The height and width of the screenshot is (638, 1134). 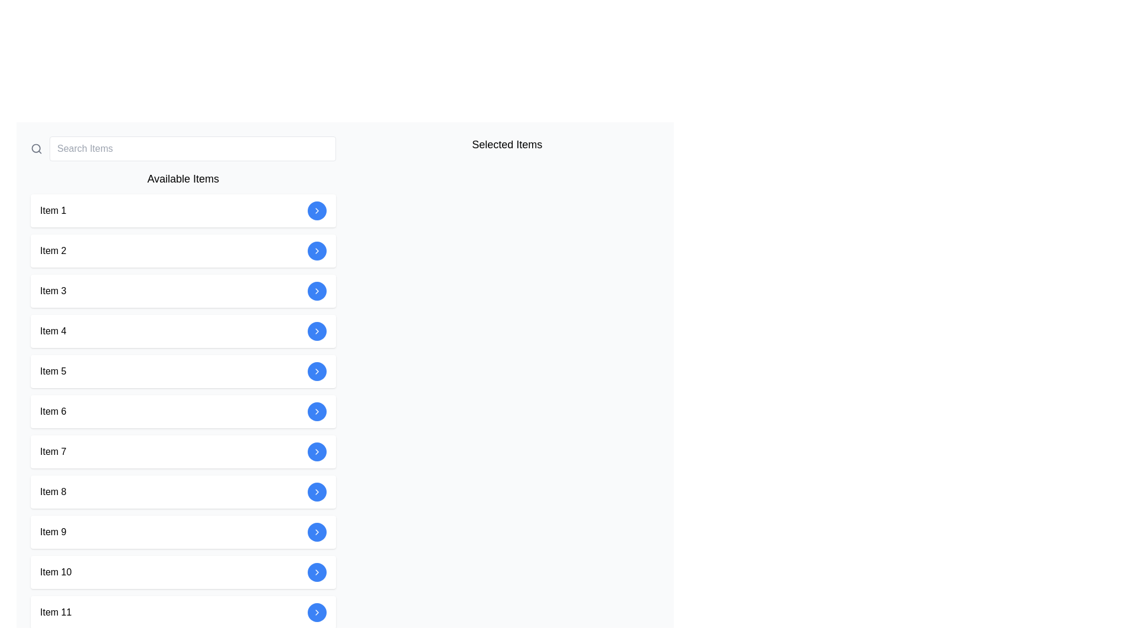 I want to click on the input box labeled 'Search Items' by clicking the magnifying glass icon, so click(x=36, y=148).